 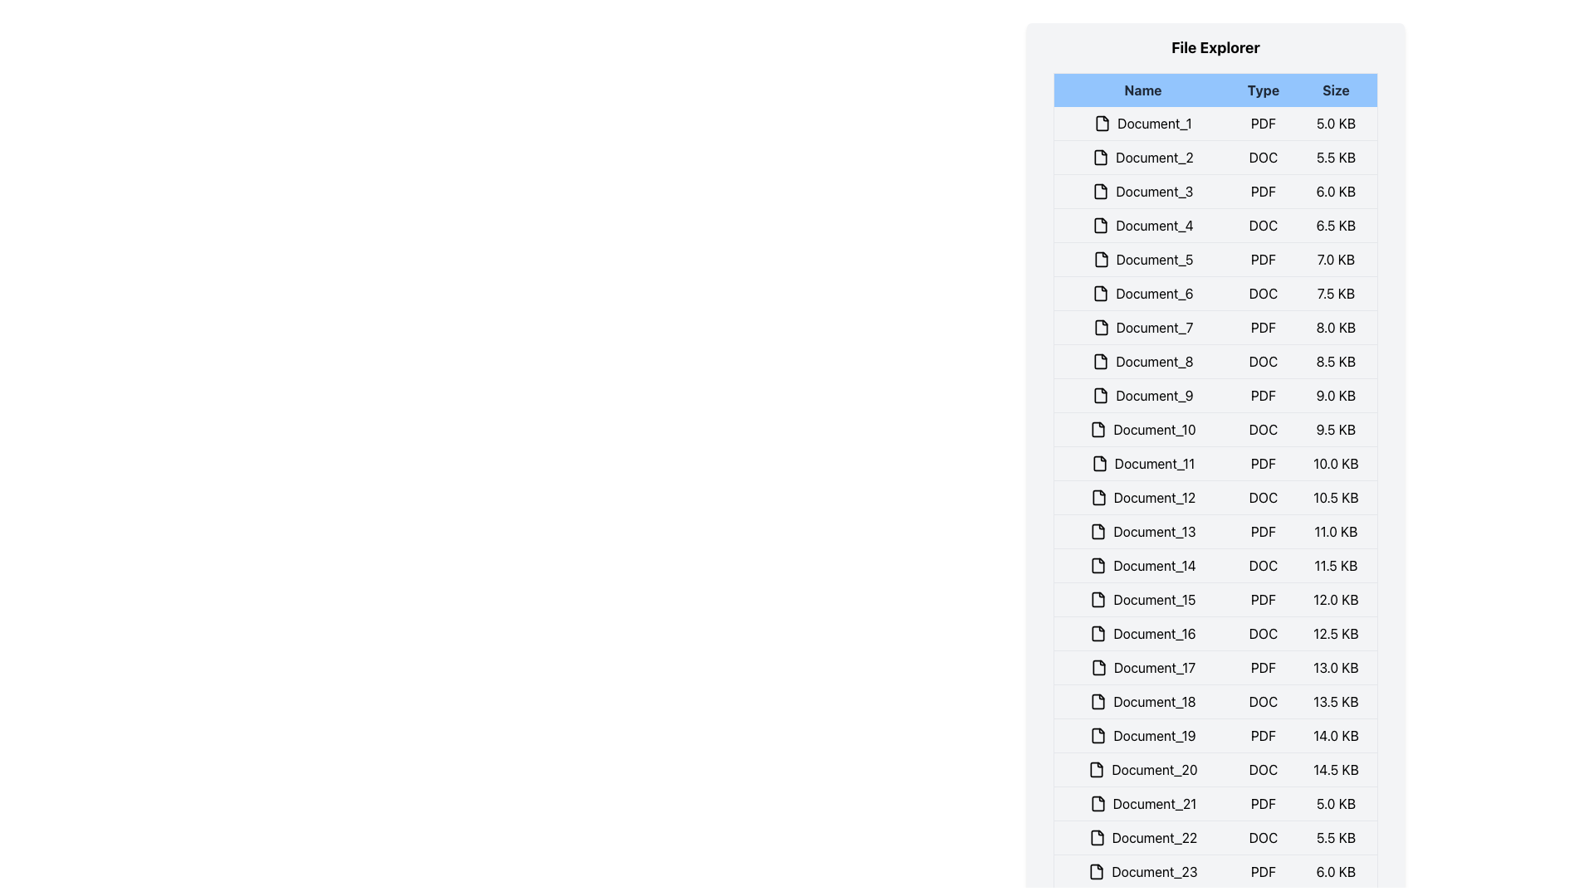 I want to click on the first row in the file table displaying information about 'Document_1', so click(x=1215, y=123).